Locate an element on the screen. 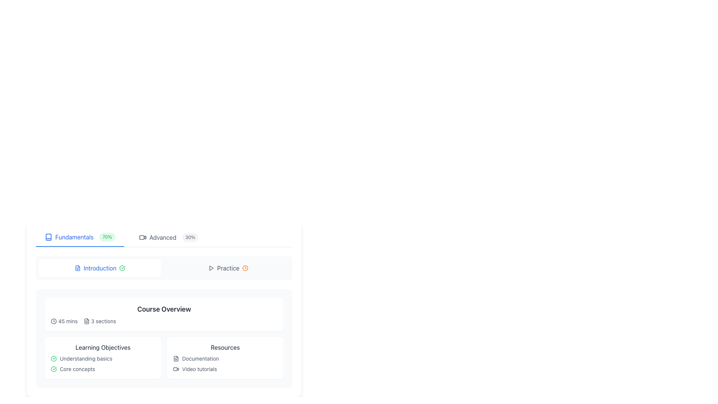  the content of the Informative panel titled 'Course Overview', which includes learning objectives and resources is located at coordinates (163, 339).